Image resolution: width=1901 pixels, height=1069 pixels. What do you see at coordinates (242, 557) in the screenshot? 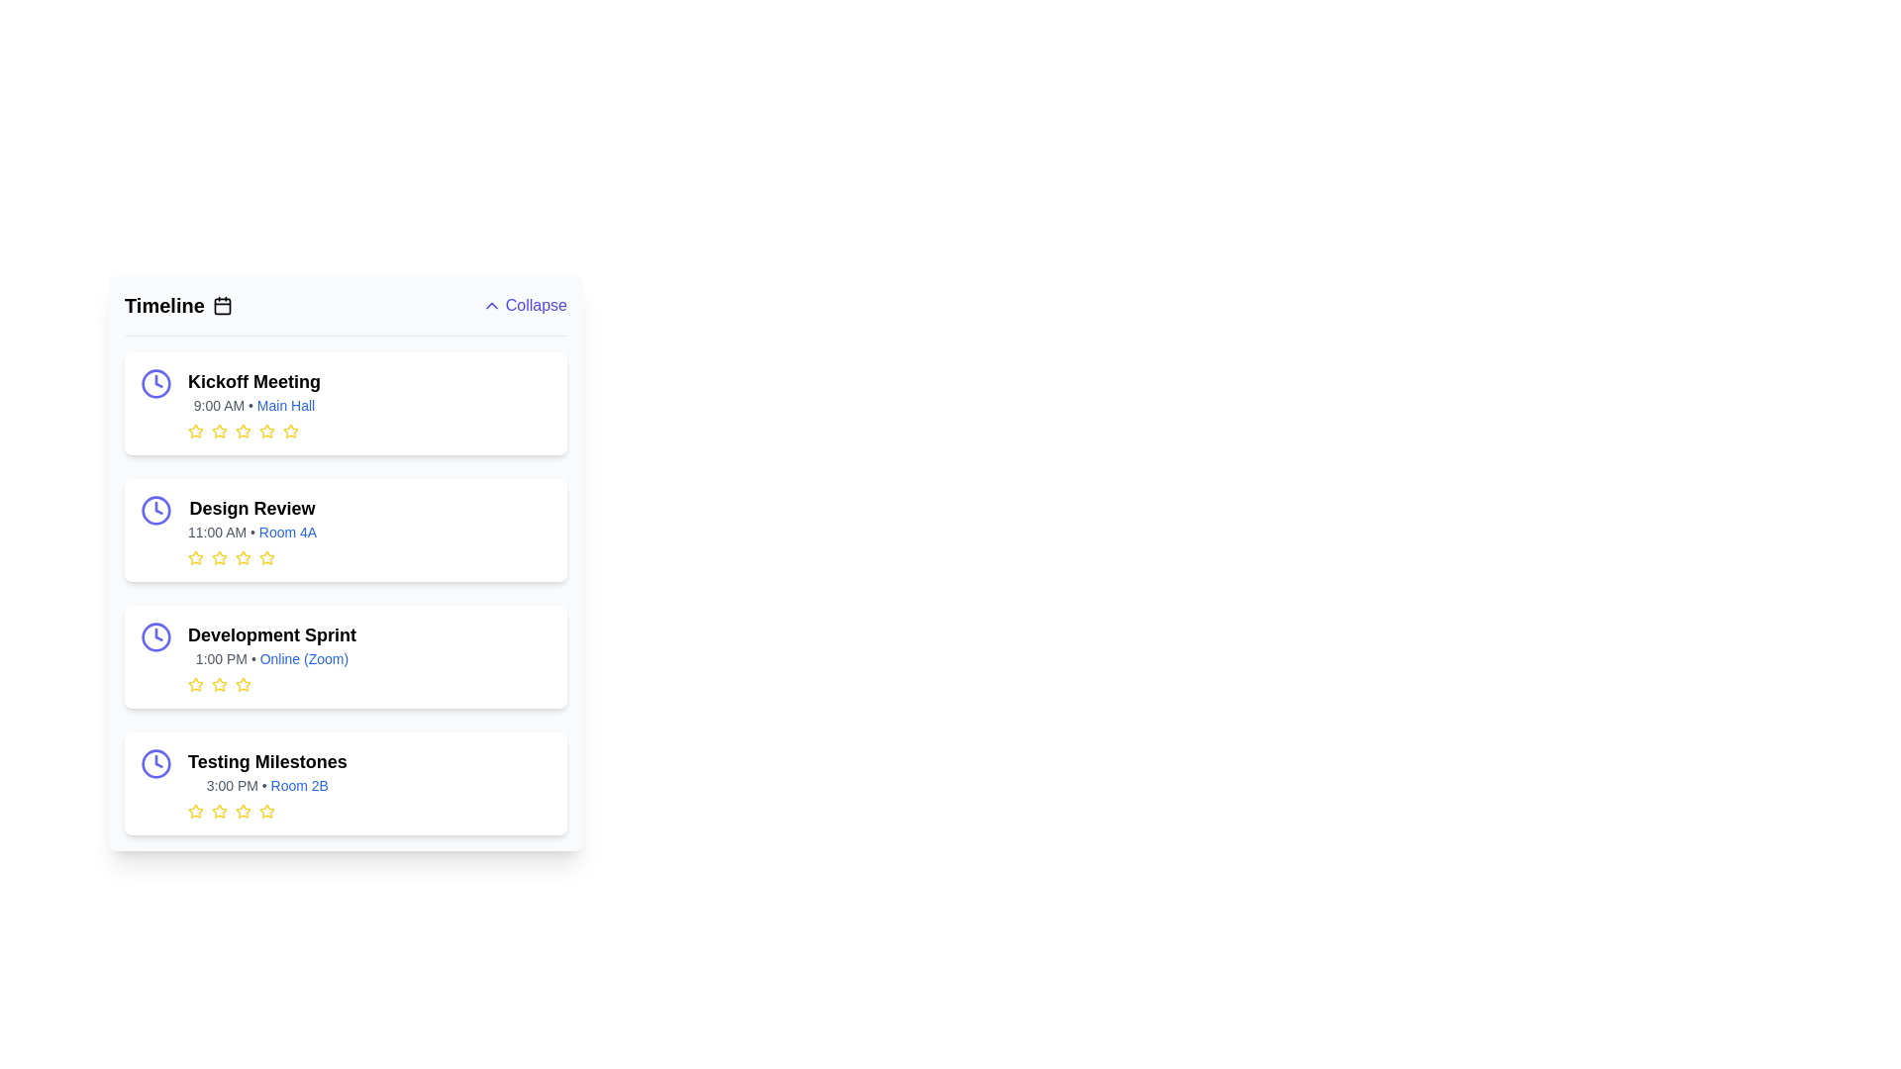
I see `the second star-shaped Rating Star Icon, which is styled in bright yellow and located beneath the 'Design Review' event description` at bounding box center [242, 557].